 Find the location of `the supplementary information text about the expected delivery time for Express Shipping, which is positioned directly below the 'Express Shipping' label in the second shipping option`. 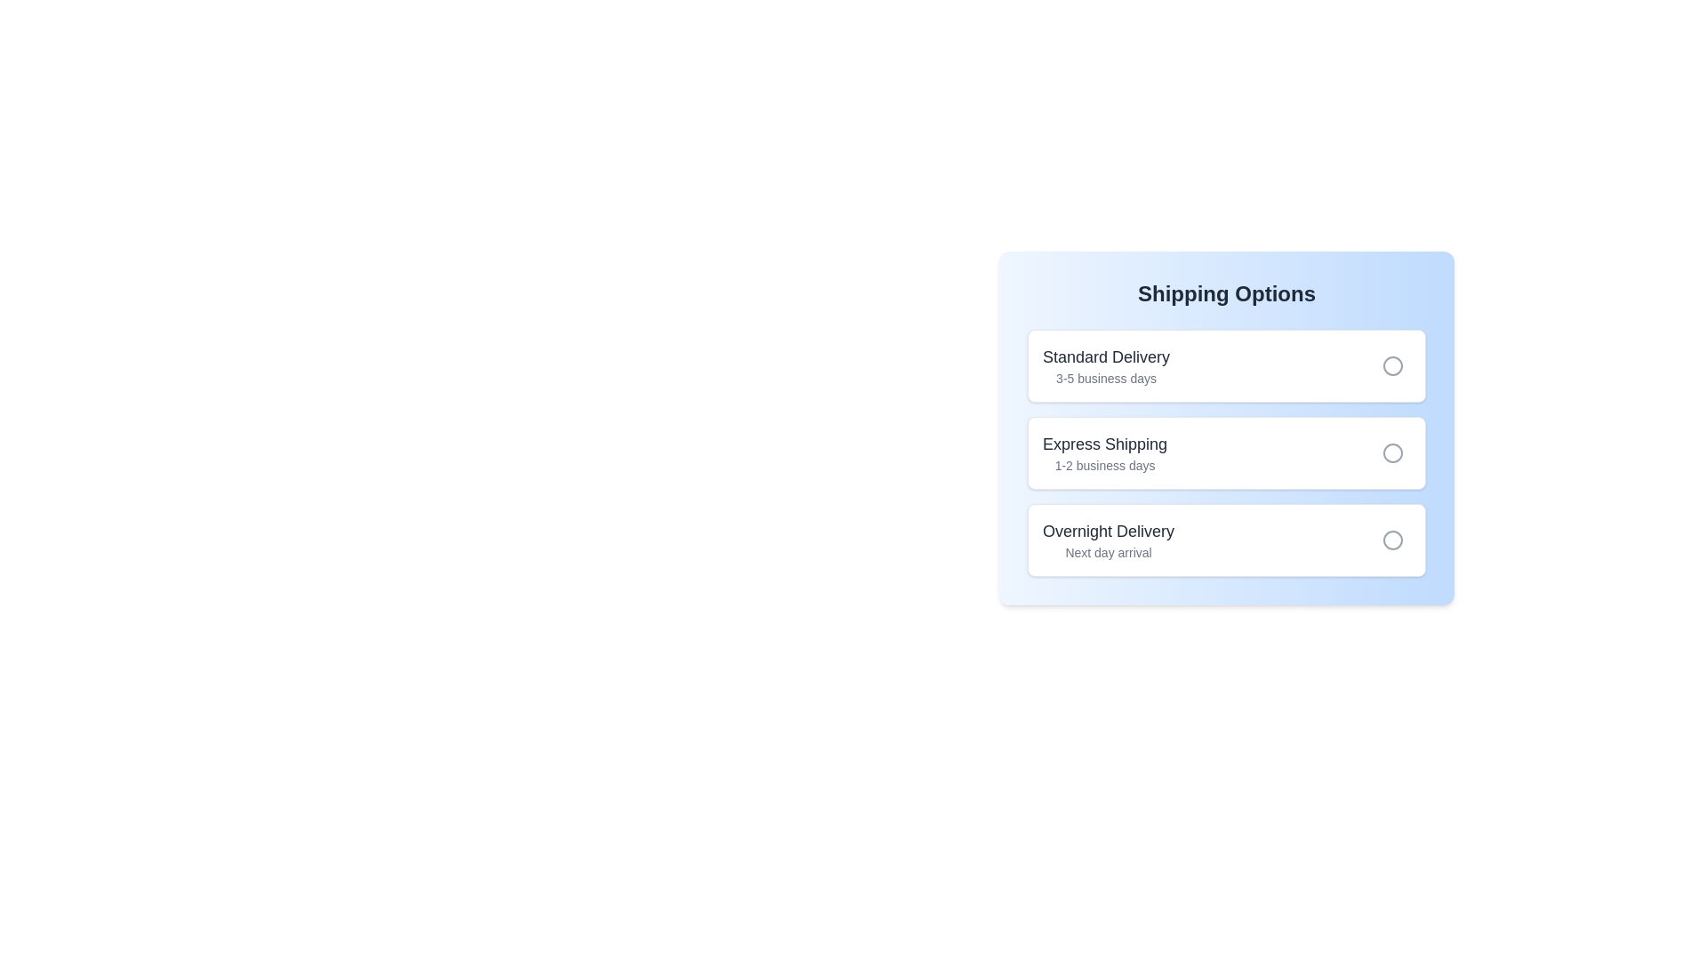

the supplementary information text about the expected delivery time for Express Shipping, which is positioned directly below the 'Express Shipping' label in the second shipping option is located at coordinates (1104, 465).